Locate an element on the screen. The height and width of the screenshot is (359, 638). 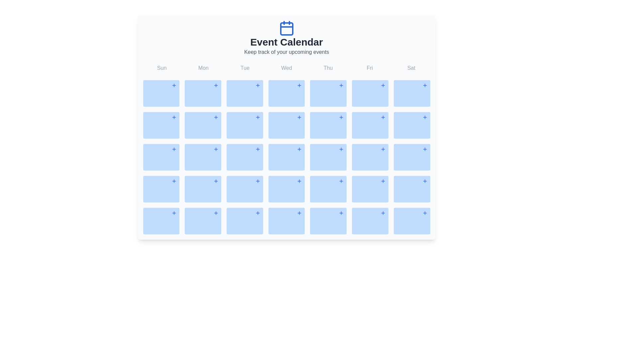
the interactive button located in the center of the cell on the calendar interface is located at coordinates (257, 117).